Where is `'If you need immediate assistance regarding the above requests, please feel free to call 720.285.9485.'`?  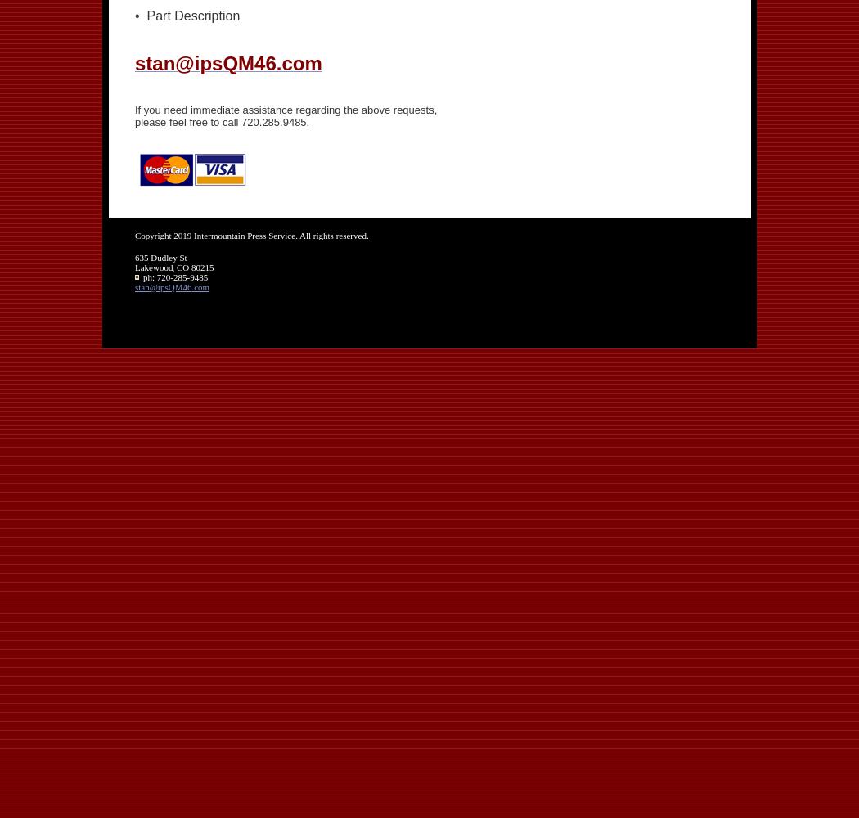 'If you need immediate assistance regarding the above requests, please feel free to call 720.285.9485.' is located at coordinates (134, 115).